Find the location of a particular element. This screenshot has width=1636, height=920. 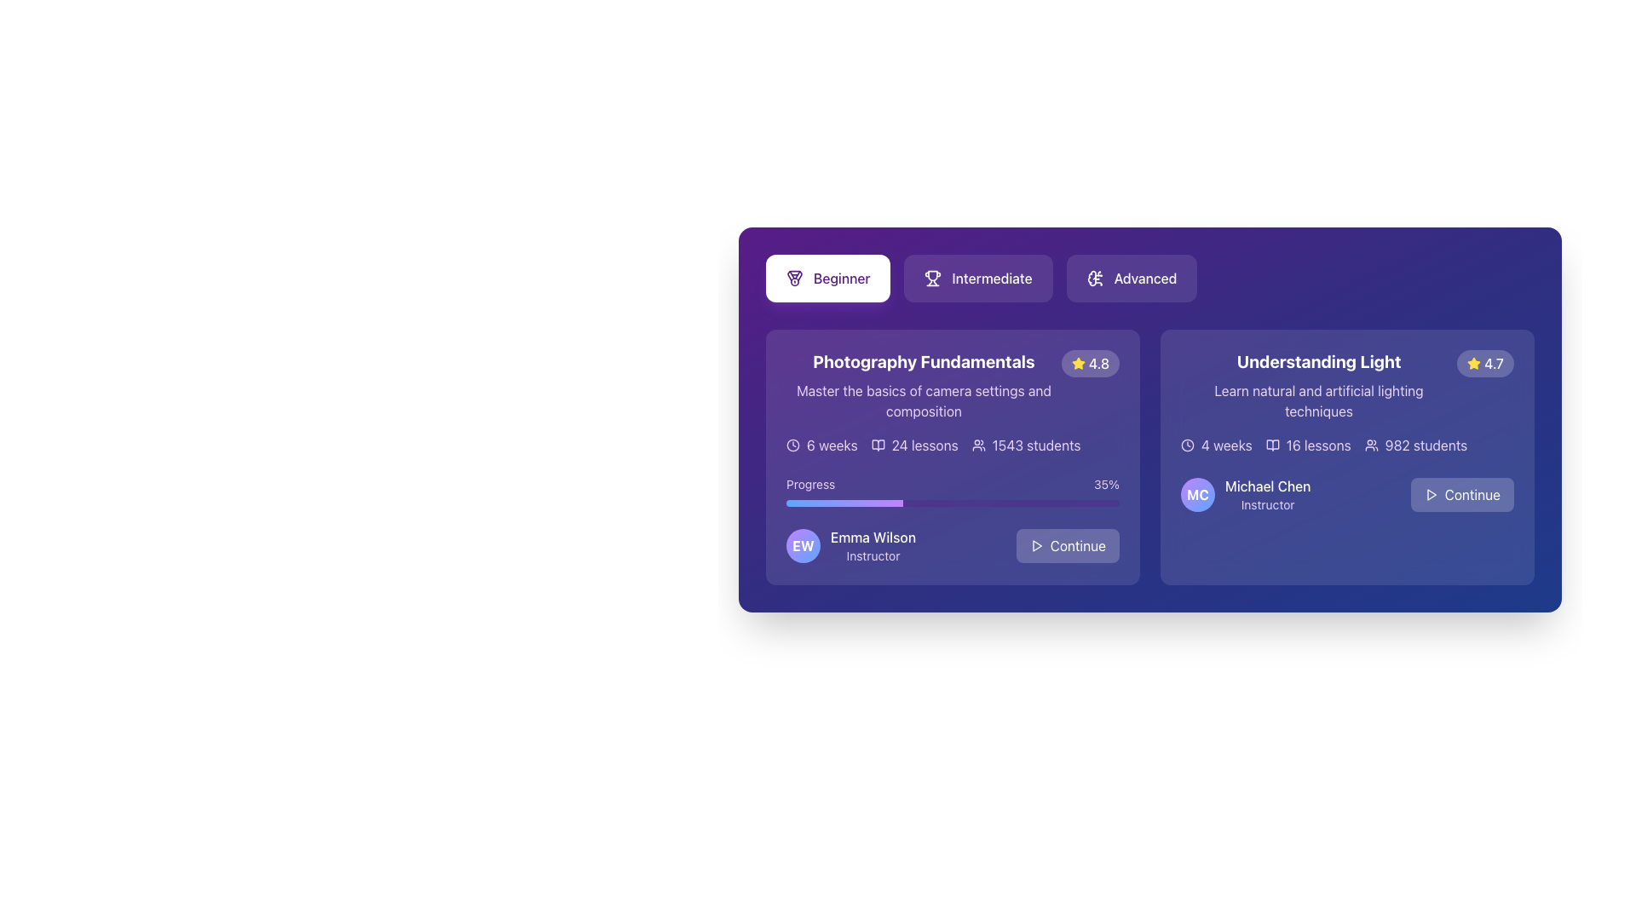

the book icon, which is a light purple minimalist icon preceding the text '24 lessons' in the 'Photography Fundamentals' course details section is located at coordinates (878, 445).